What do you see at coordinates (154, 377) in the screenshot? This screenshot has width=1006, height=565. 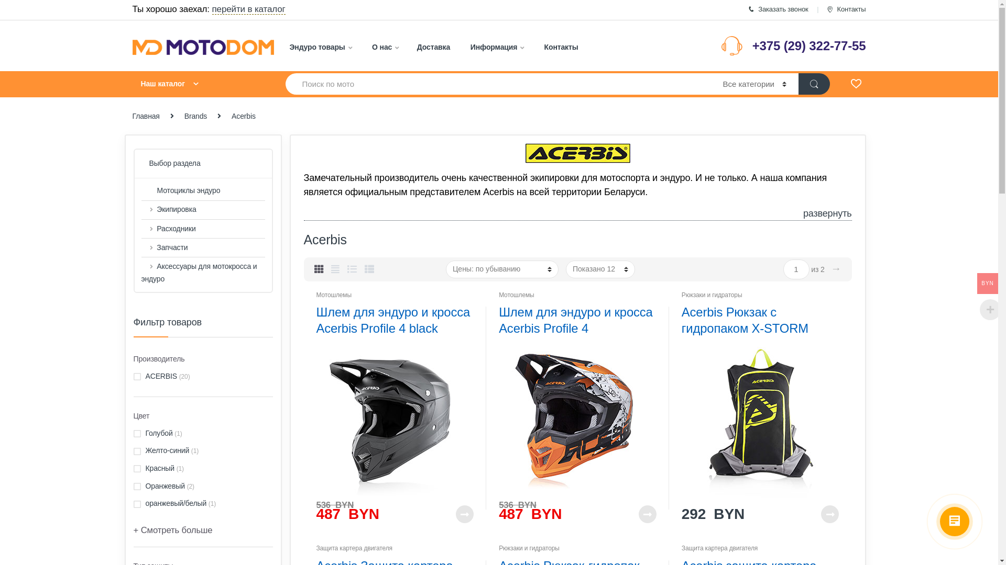 I see `'ACERBIS'` at bounding box center [154, 377].